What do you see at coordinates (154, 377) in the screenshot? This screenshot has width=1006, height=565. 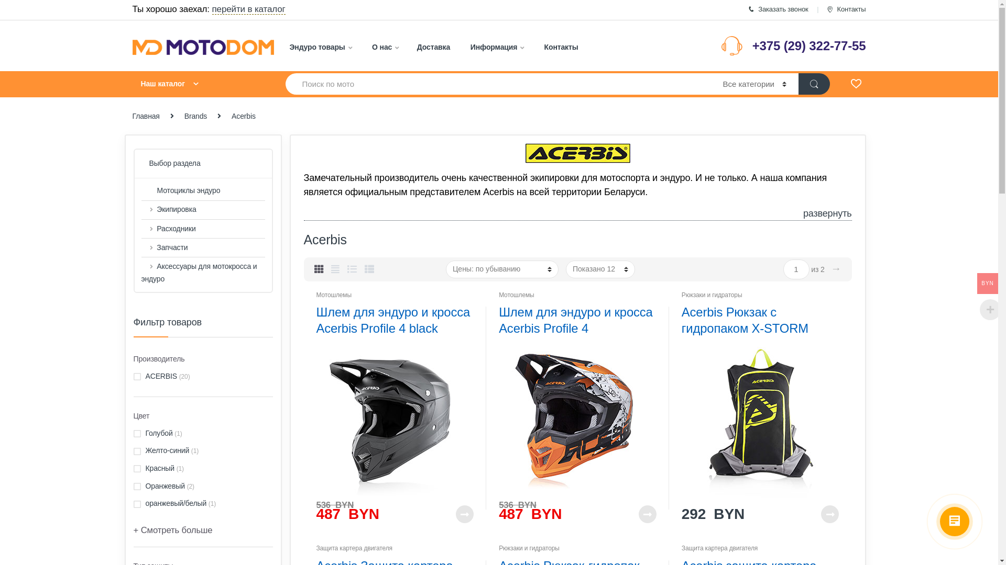 I see `'ACERBIS'` at bounding box center [154, 377].